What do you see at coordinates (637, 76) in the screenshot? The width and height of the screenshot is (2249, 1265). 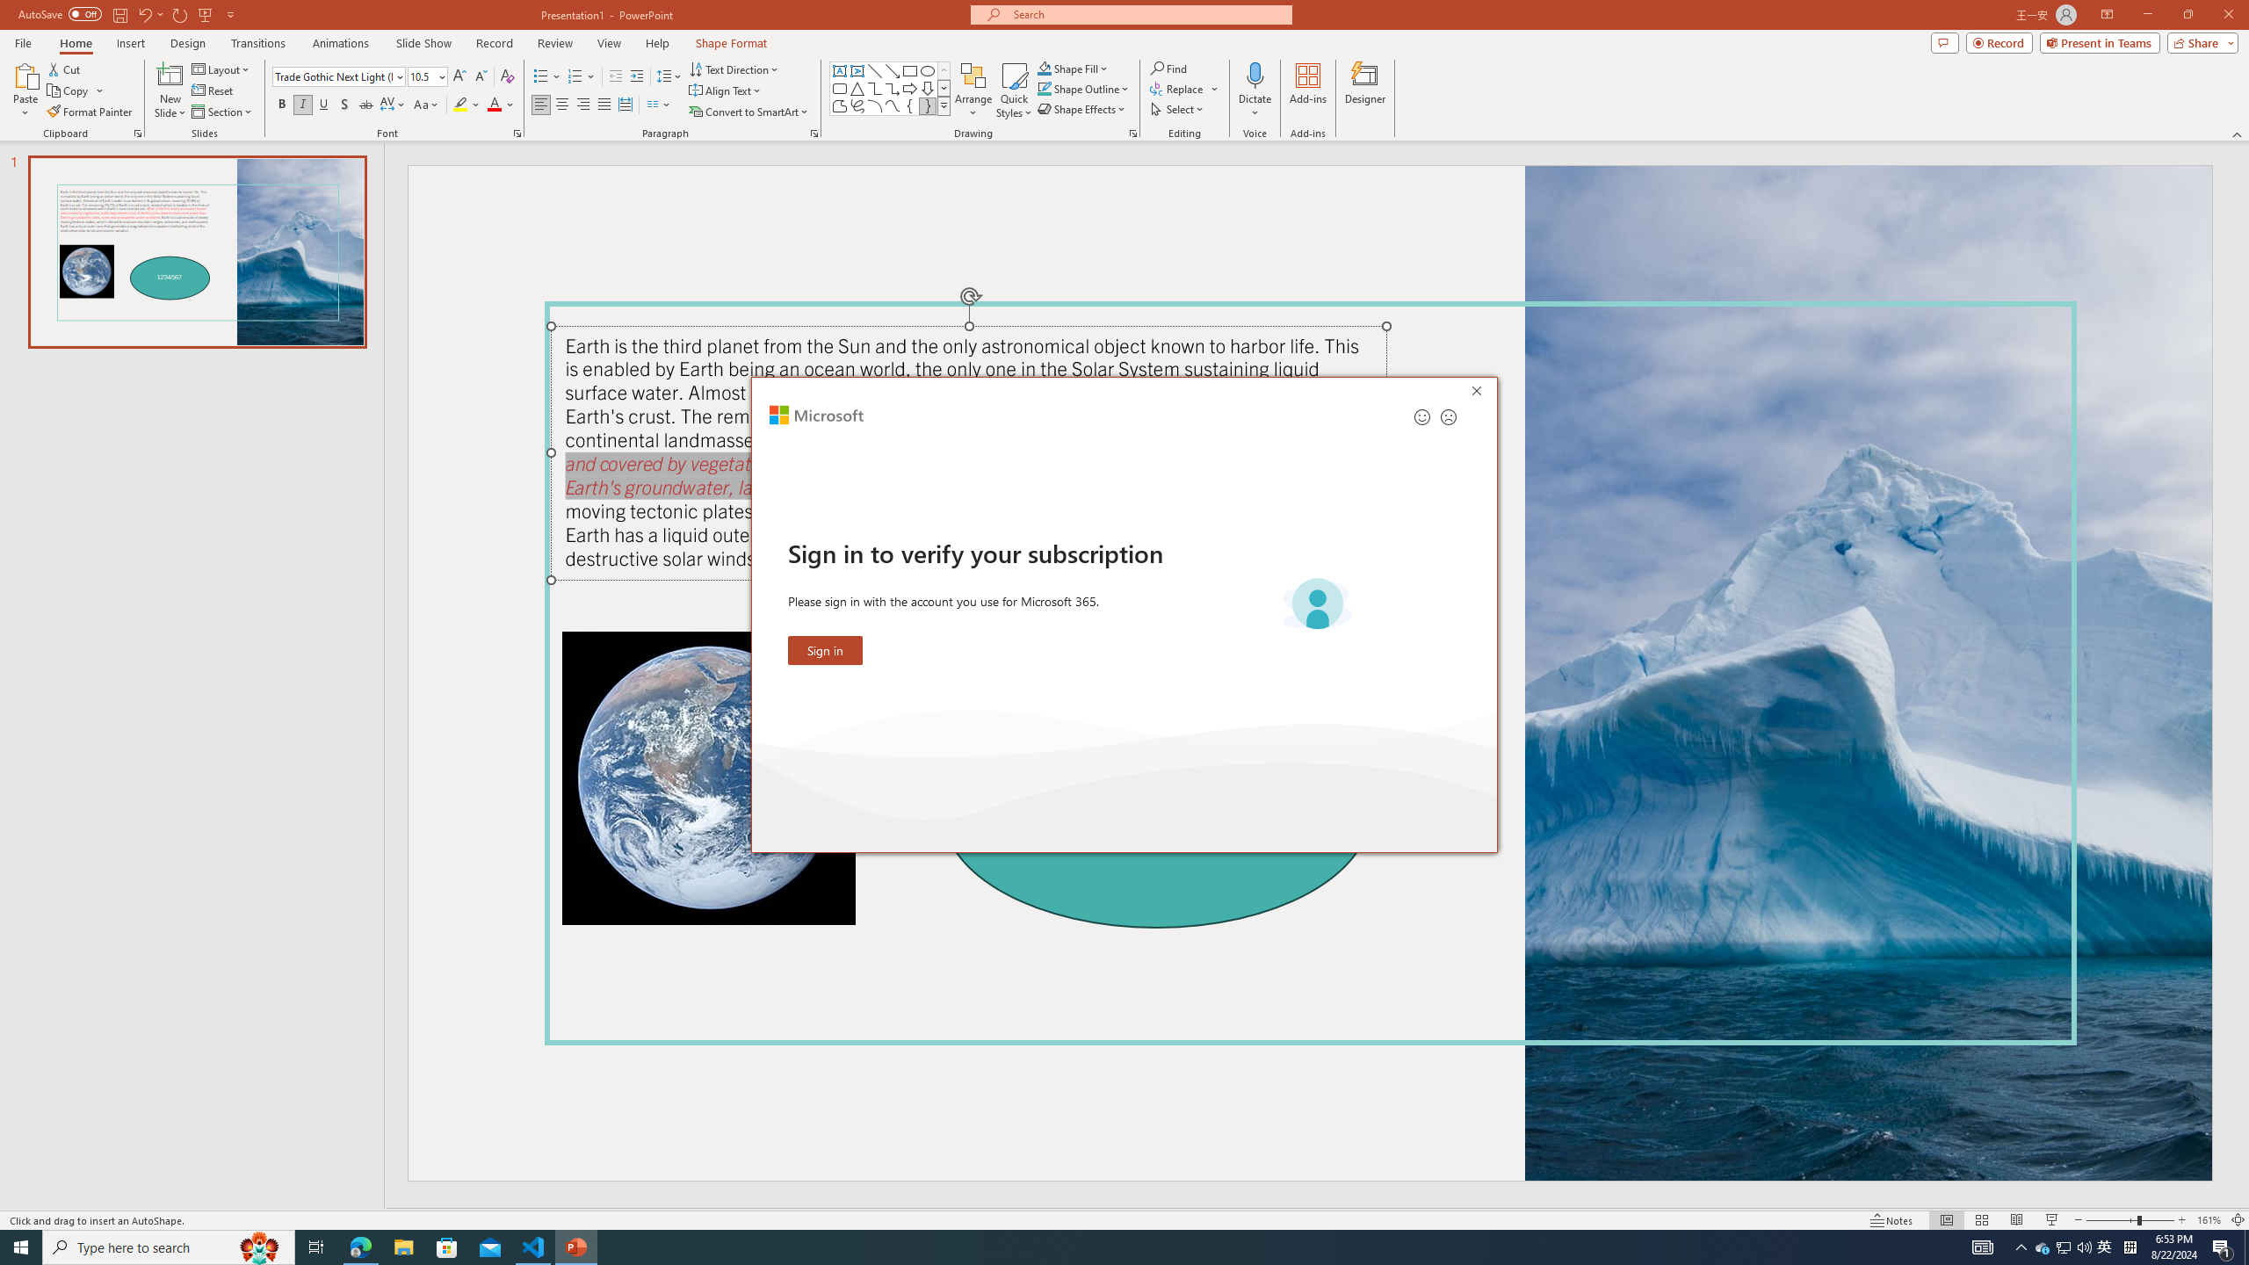 I see `'Increase Indent'` at bounding box center [637, 76].